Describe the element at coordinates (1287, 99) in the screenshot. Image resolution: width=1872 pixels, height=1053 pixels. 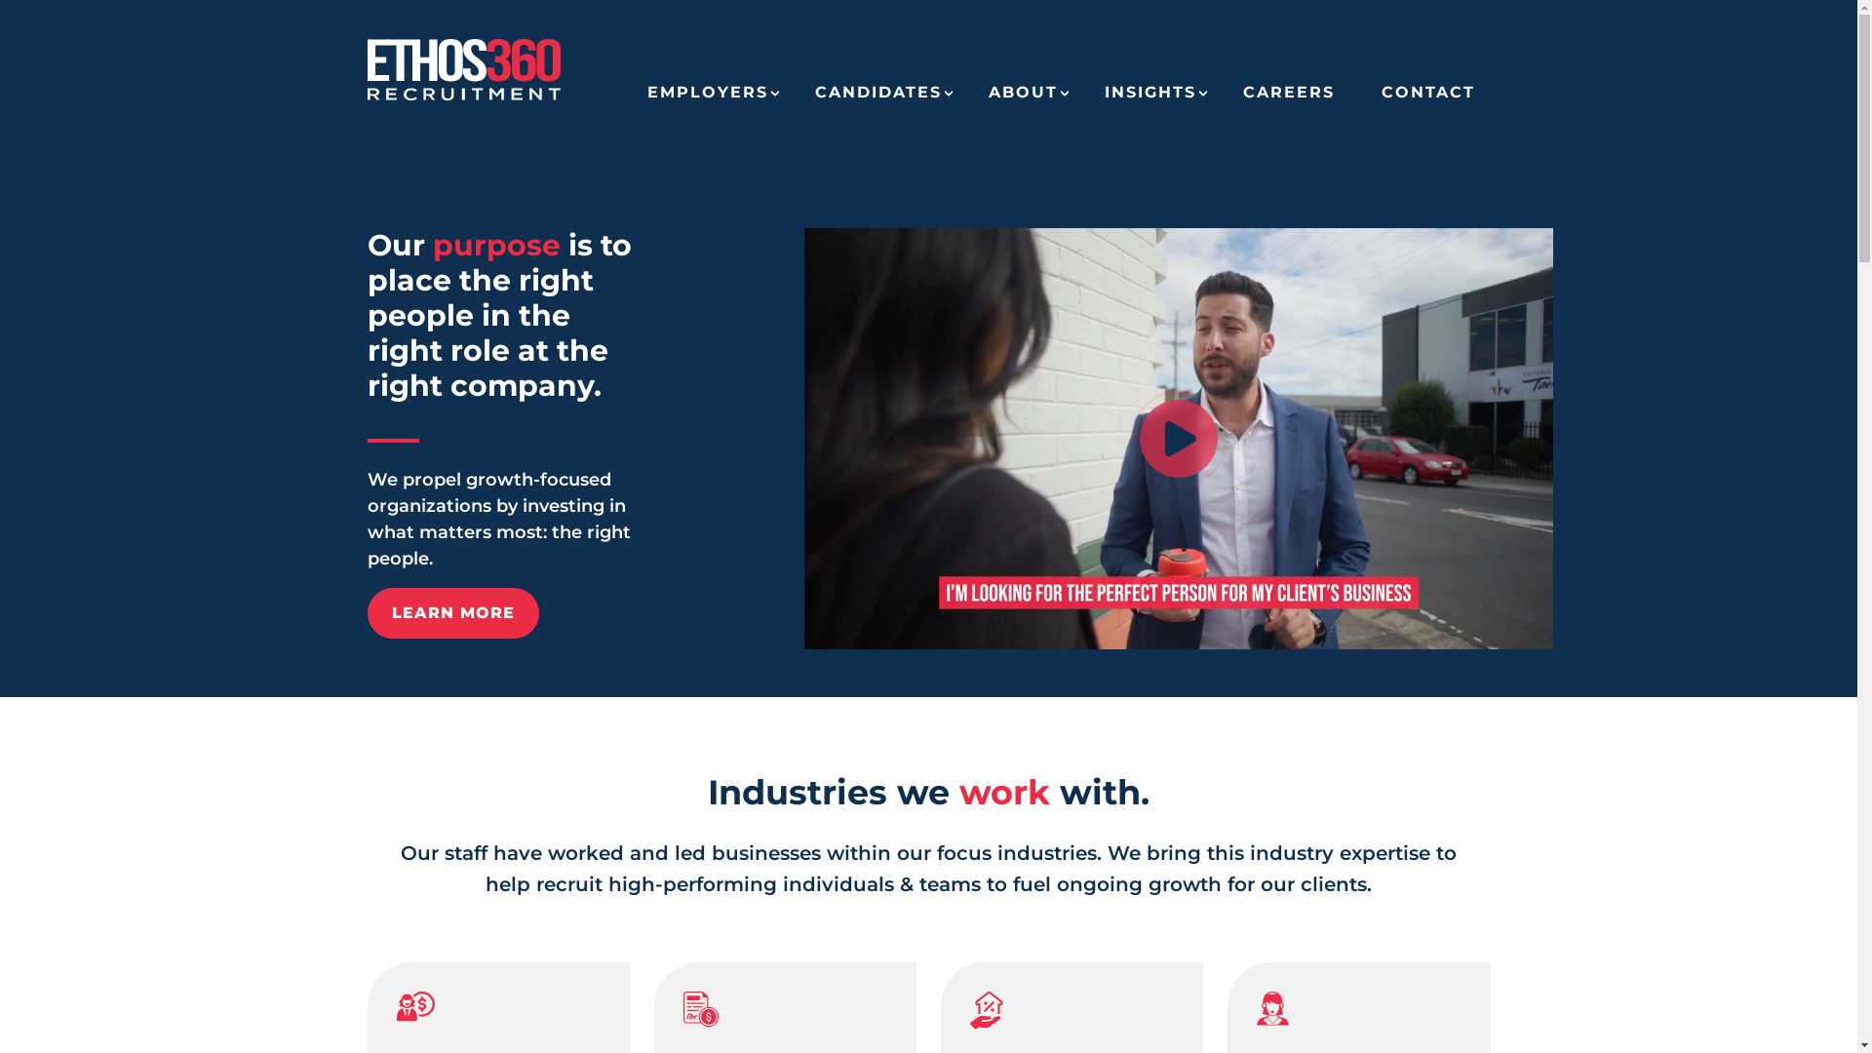
I see `'CAREERS'` at that location.